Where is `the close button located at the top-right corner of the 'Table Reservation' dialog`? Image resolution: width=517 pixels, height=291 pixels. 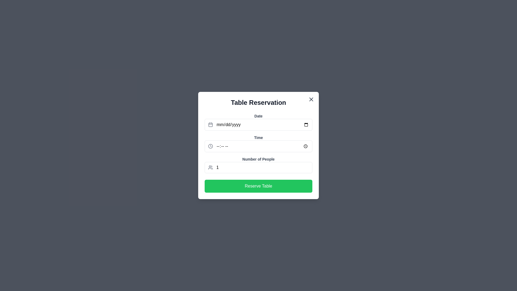
the close button located at the top-right corner of the 'Table Reservation' dialog is located at coordinates (311, 99).